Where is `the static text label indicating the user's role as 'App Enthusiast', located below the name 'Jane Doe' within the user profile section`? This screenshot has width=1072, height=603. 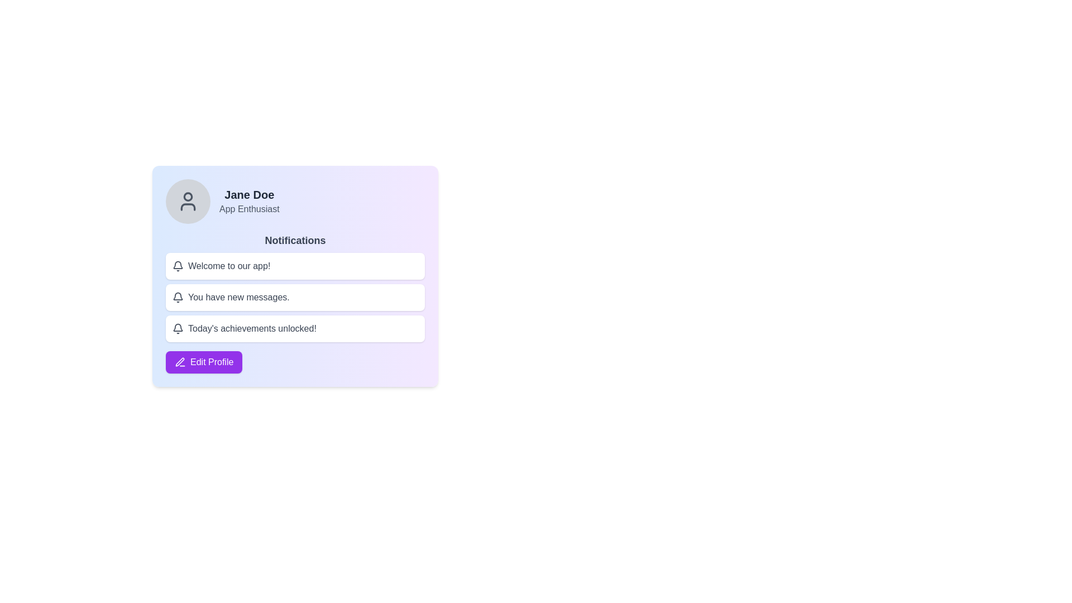
the static text label indicating the user's role as 'App Enthusiast', located below the name 'Jane Doe' within the user profile section is located at coordinates (248, 209).